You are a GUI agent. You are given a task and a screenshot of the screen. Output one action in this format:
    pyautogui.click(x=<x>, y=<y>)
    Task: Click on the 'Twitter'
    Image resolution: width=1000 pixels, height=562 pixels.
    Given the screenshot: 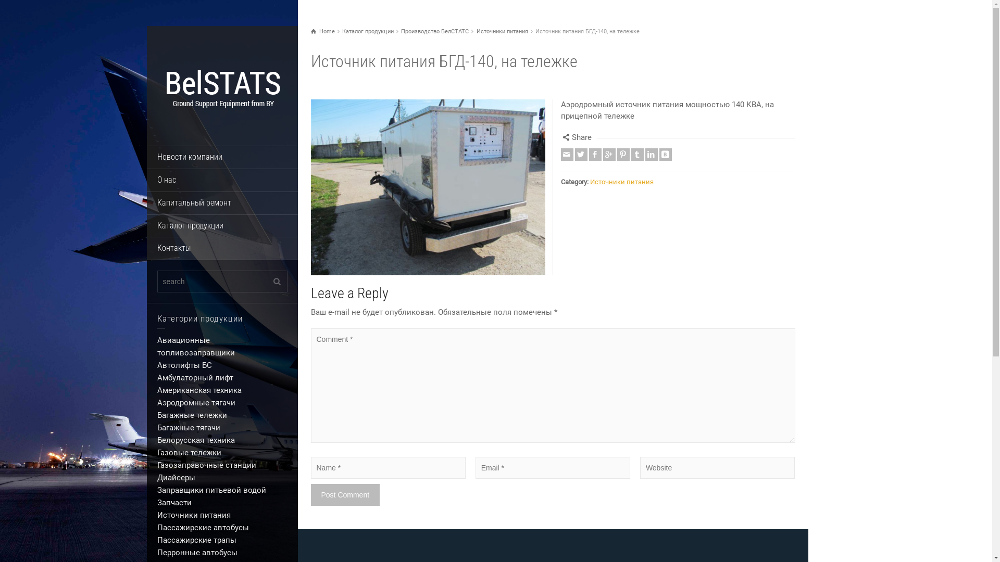 What is the action you would take?
    pyautogui.click(x=574, y=155)
    